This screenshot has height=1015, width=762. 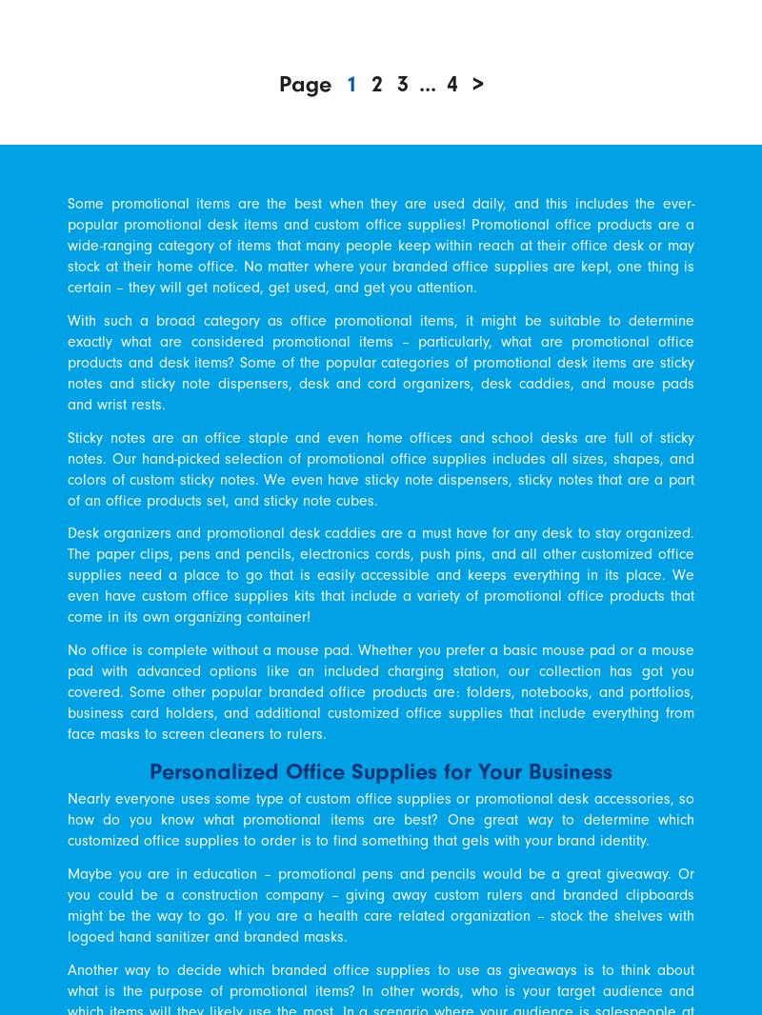 I want to click on 'With such a broad category as office promotional items, it might be suitable to determine exactly what are considered promotional items – particularly, what are promotional office products and desk items? Some of the popular categories of promotional desk items are sticky notes and sticky note dispensers, desk and cord organizers, desk caddies, and mouse pads and wrist rests.', so click(x=381, y=362).